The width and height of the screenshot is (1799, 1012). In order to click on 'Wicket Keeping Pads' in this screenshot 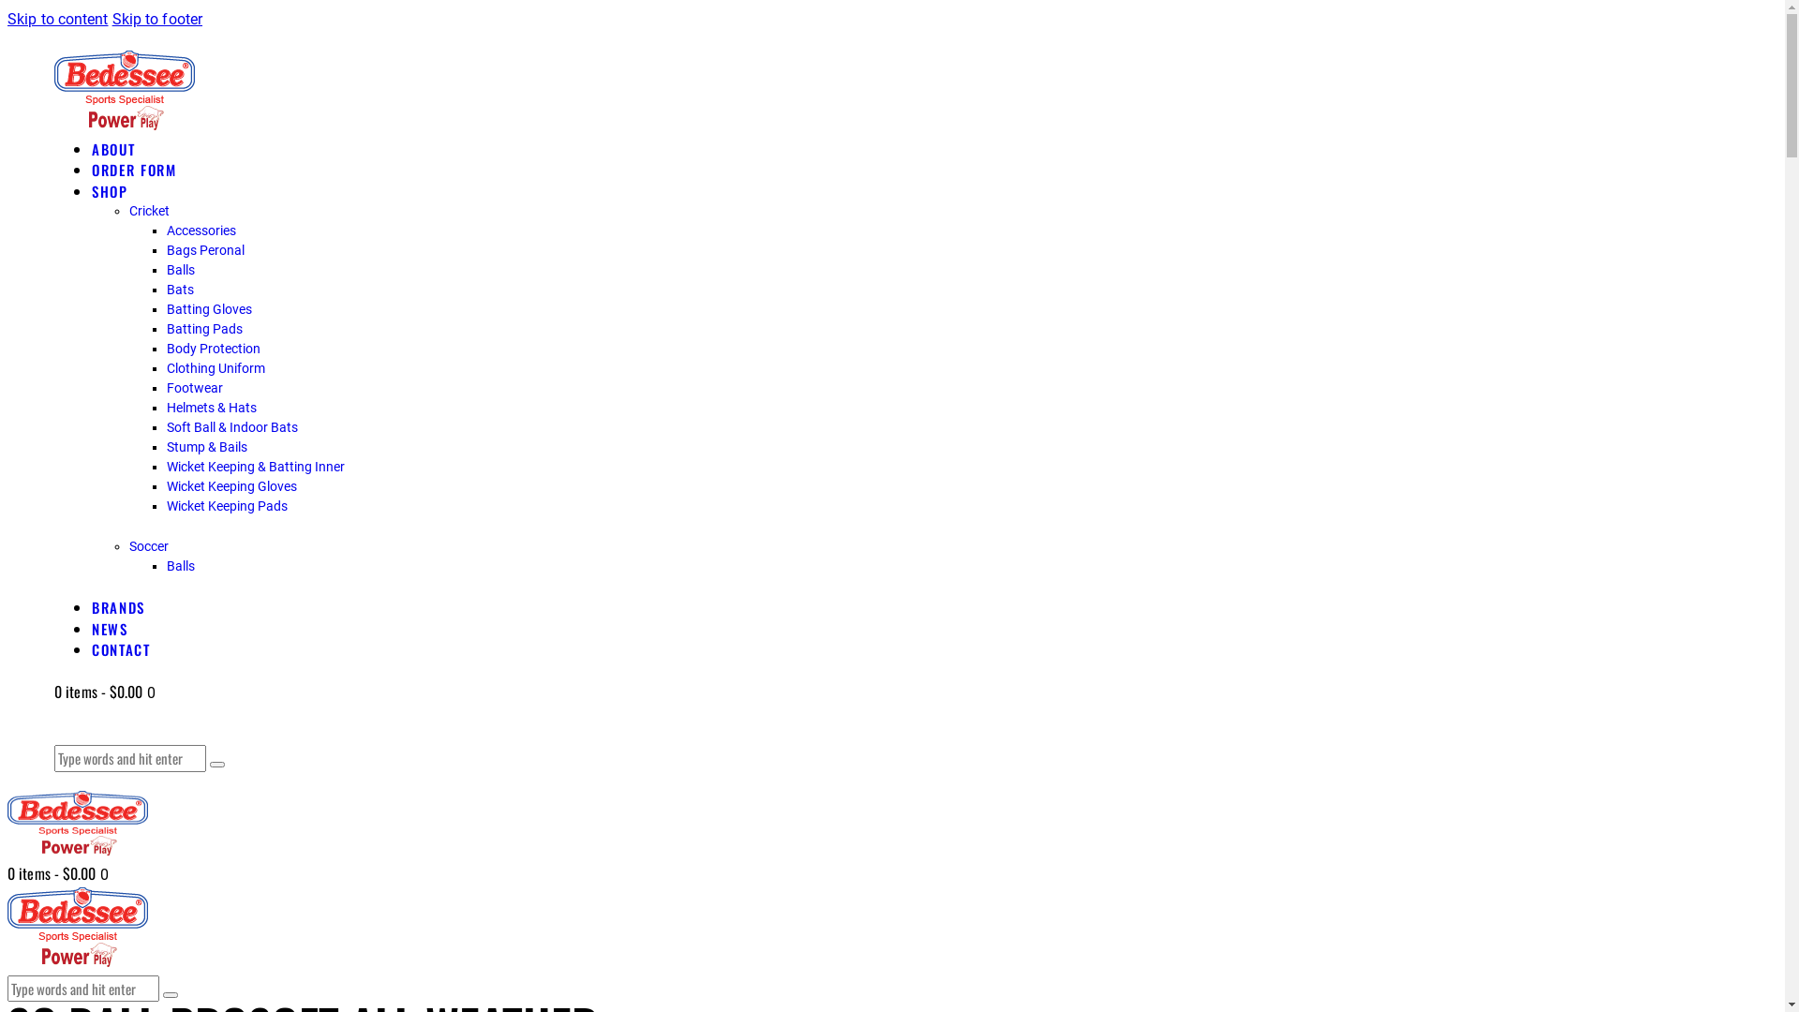, I will do `click(166, 506)`.